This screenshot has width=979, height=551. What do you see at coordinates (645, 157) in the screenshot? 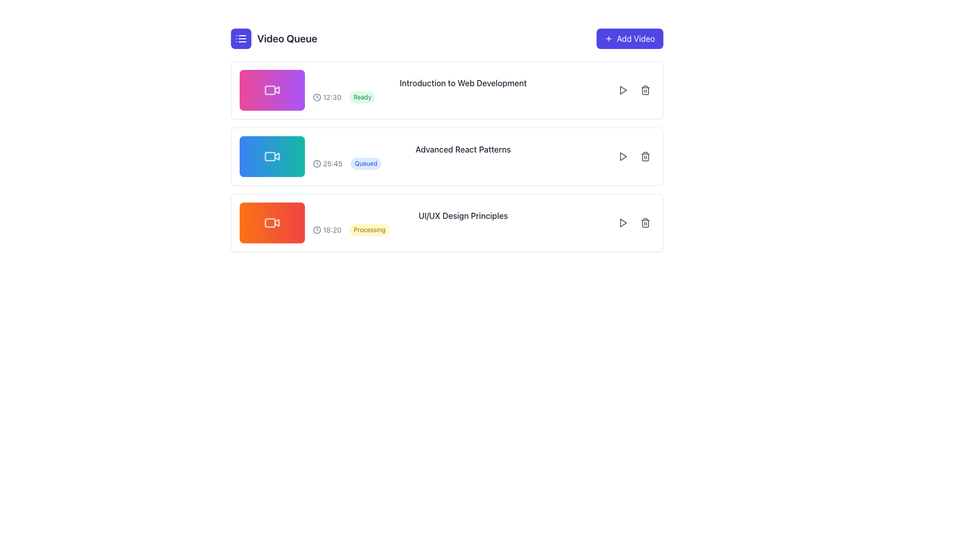
I see `the delete icon button located at the end of the second list item for 'Advanced React Patterns'` at bounding box center [645, 157].